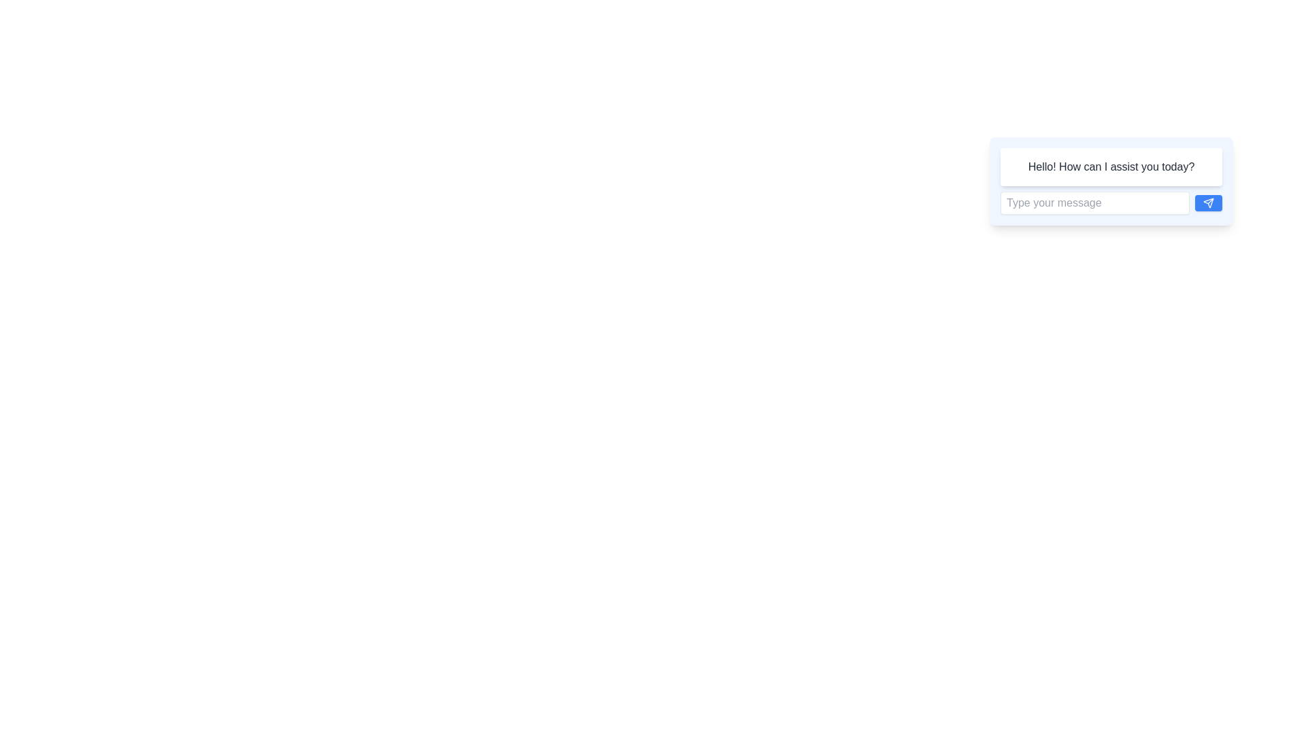  What do you see at coordinates (1208, 203) in the screenshot?
I see `the send icon located on the right side of the text input field in the chat interface` at bounding box center [1208, 203].